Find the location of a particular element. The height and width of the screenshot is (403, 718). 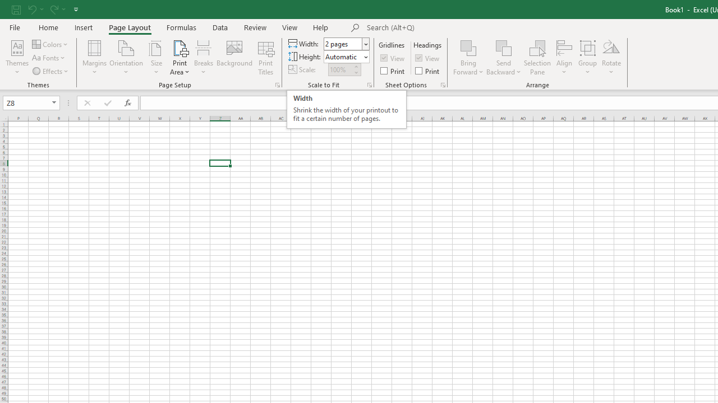

'Height' is located at coordinates (346, 57).